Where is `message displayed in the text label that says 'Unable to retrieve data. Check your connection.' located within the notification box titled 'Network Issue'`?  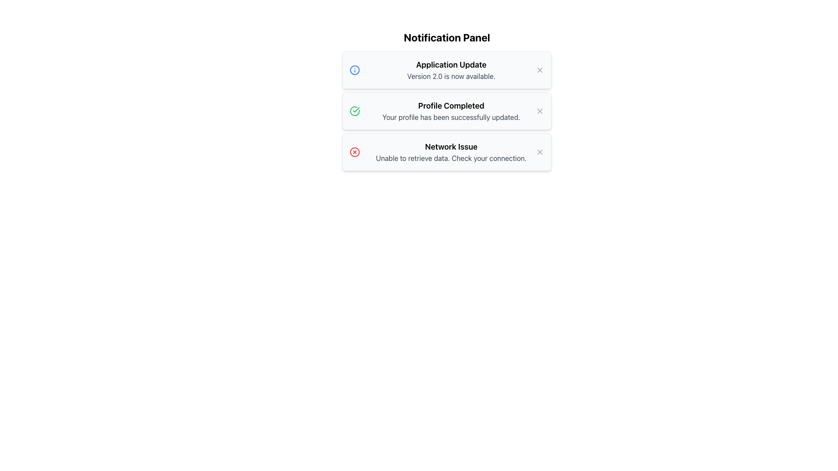
message displayed in the text label that says 'Unable to retrieve data. Check your connection.' located within the notification box titled 'Network Issue' is located at coordinates (451, 158).